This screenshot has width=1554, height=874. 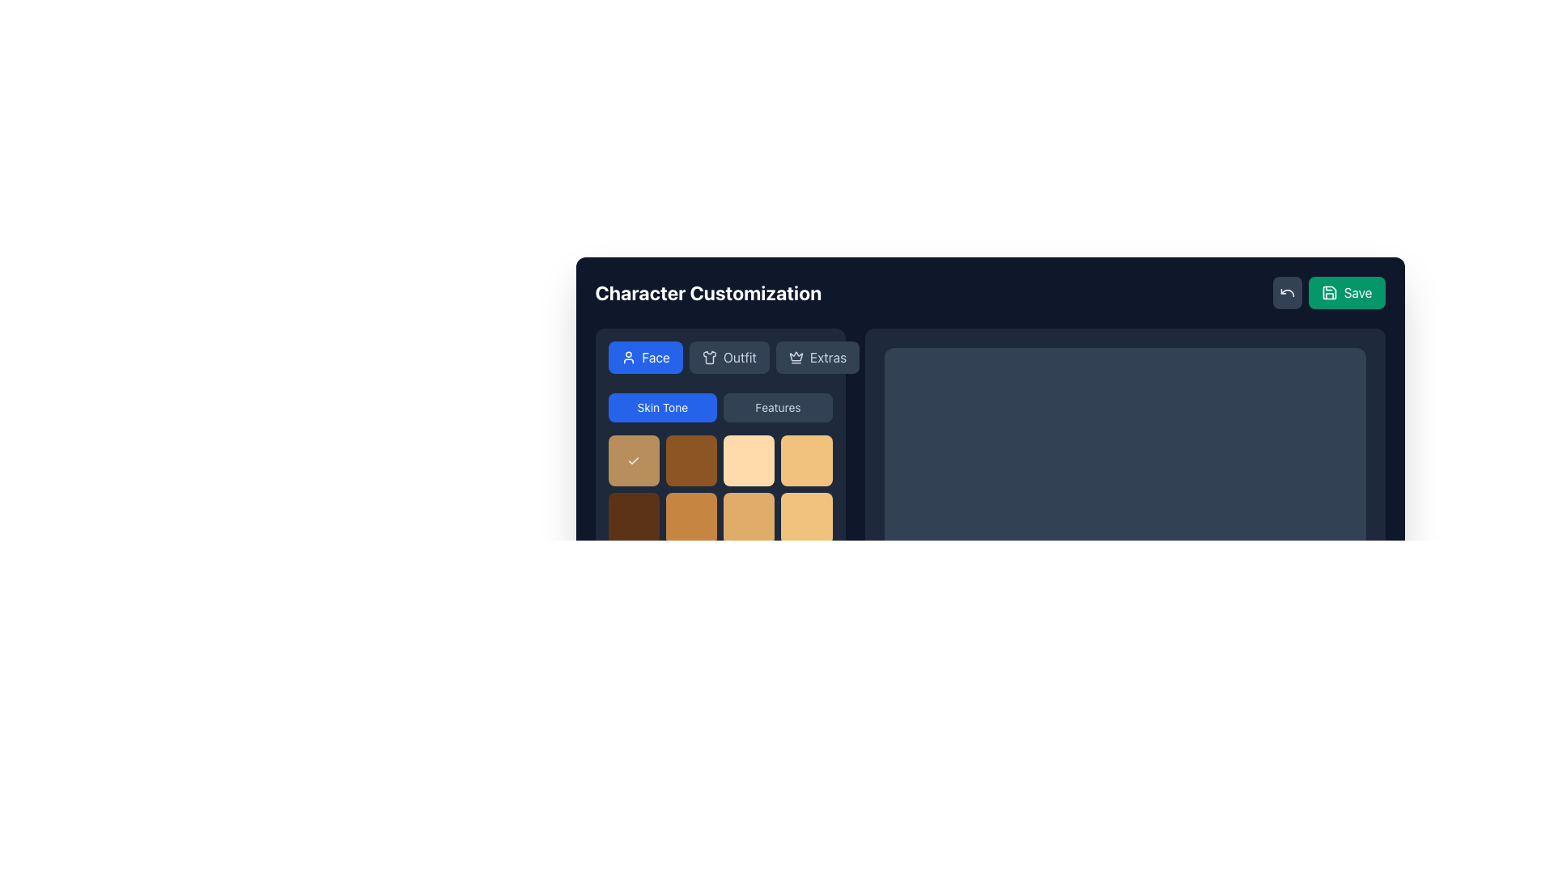 I want to click on the 'Save' text label, which is a white text on a green button located at the top right corner of the interface, next to a save icon, so click(x=1358, y=293).